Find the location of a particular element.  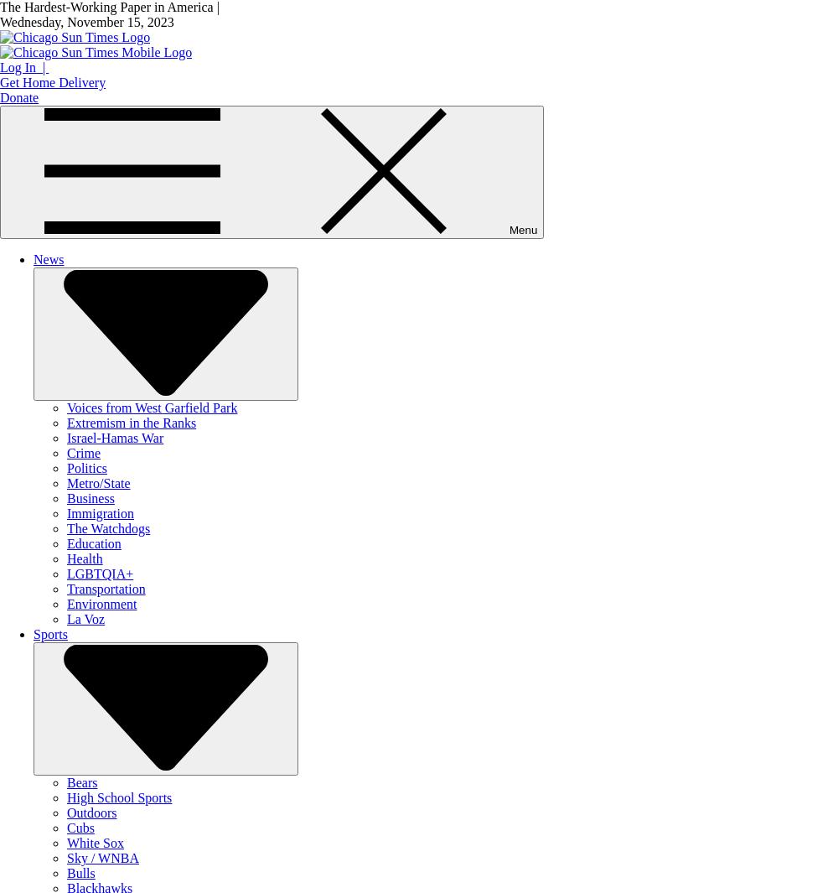

'Get Home Delivery' is located at coordinates (52, 81).